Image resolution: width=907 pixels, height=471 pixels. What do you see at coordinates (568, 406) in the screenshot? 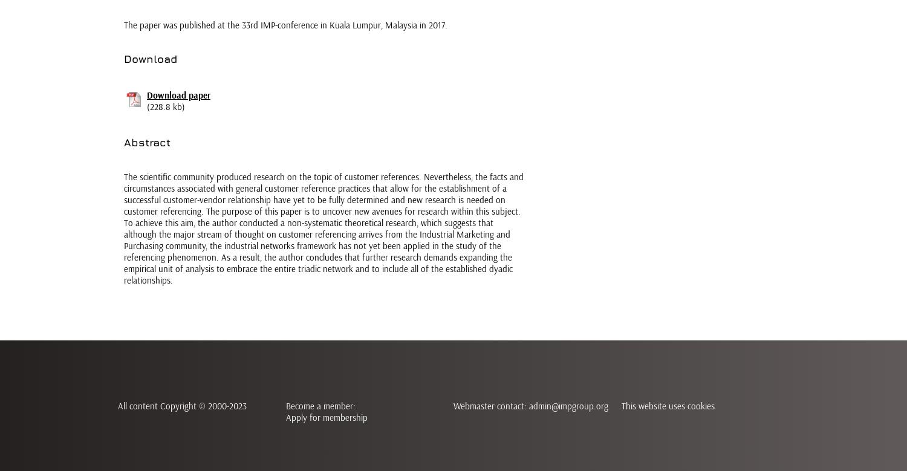
I see `'admin@impgroup.org'` at bounding box center [568, 406].